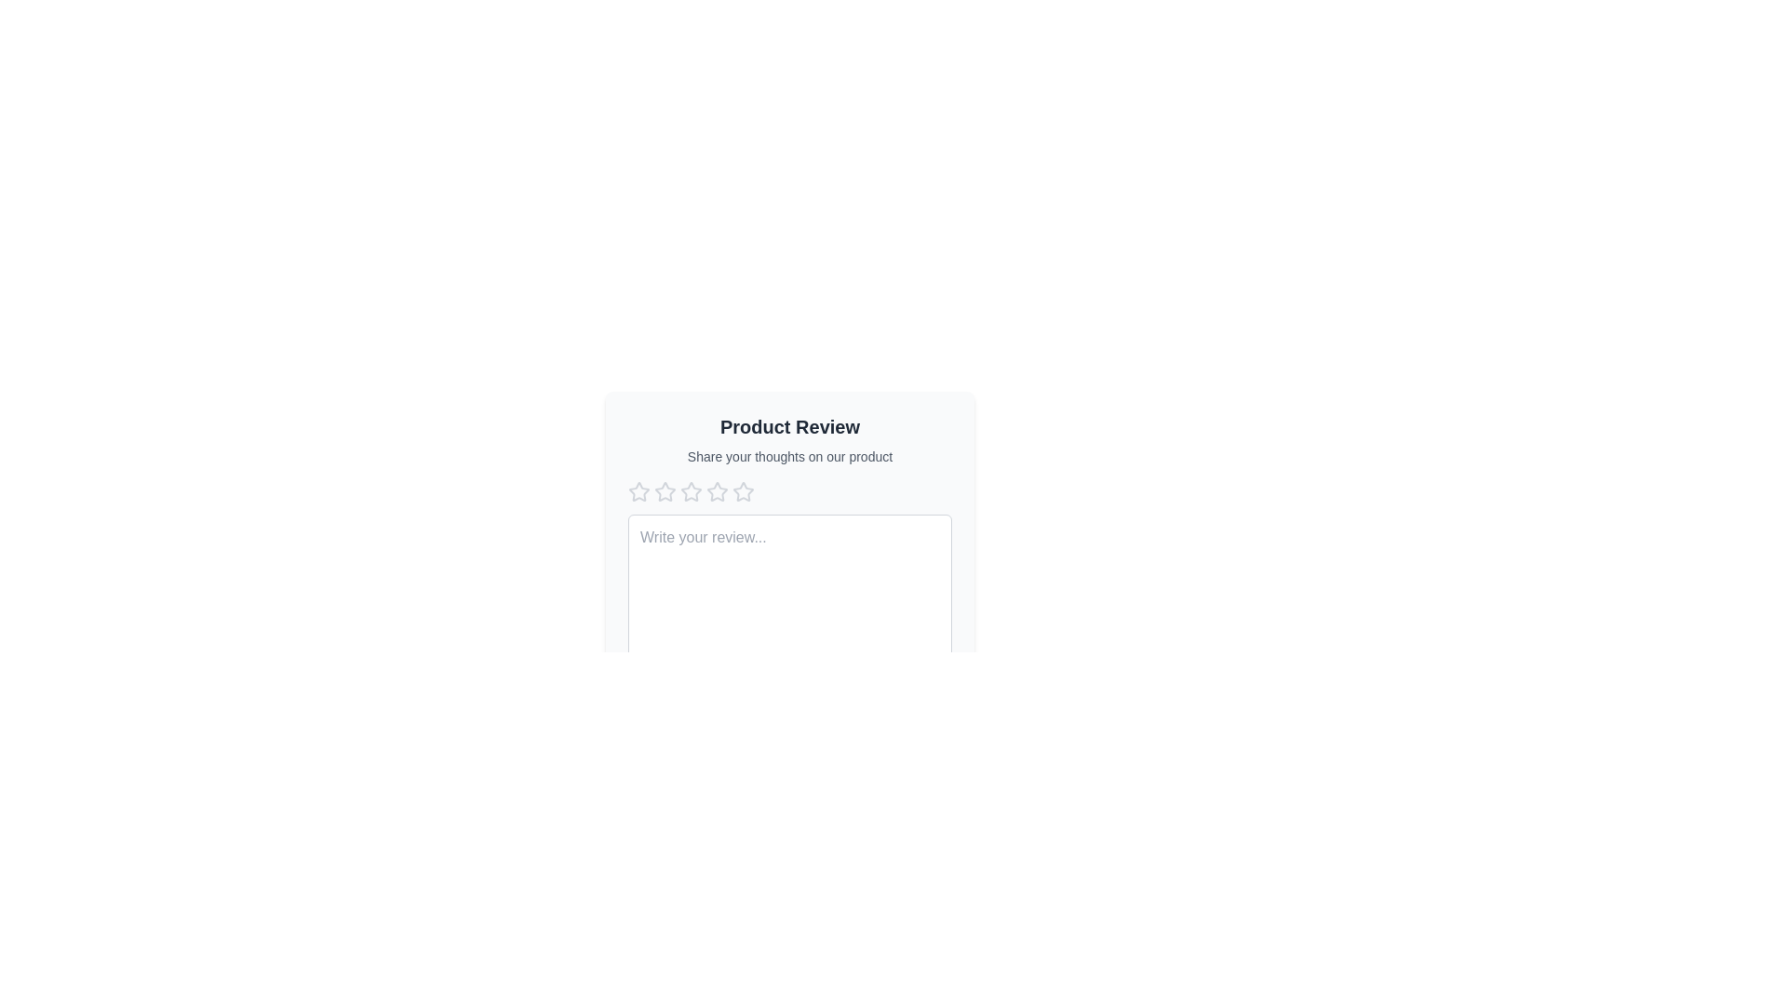 The height and width of the screenshot is (1005, 1787). Describe the element at coordinates (638, 490) in the screenshot. I see `the first star icon in the rating system located below the 'Product Review' title` at that location.